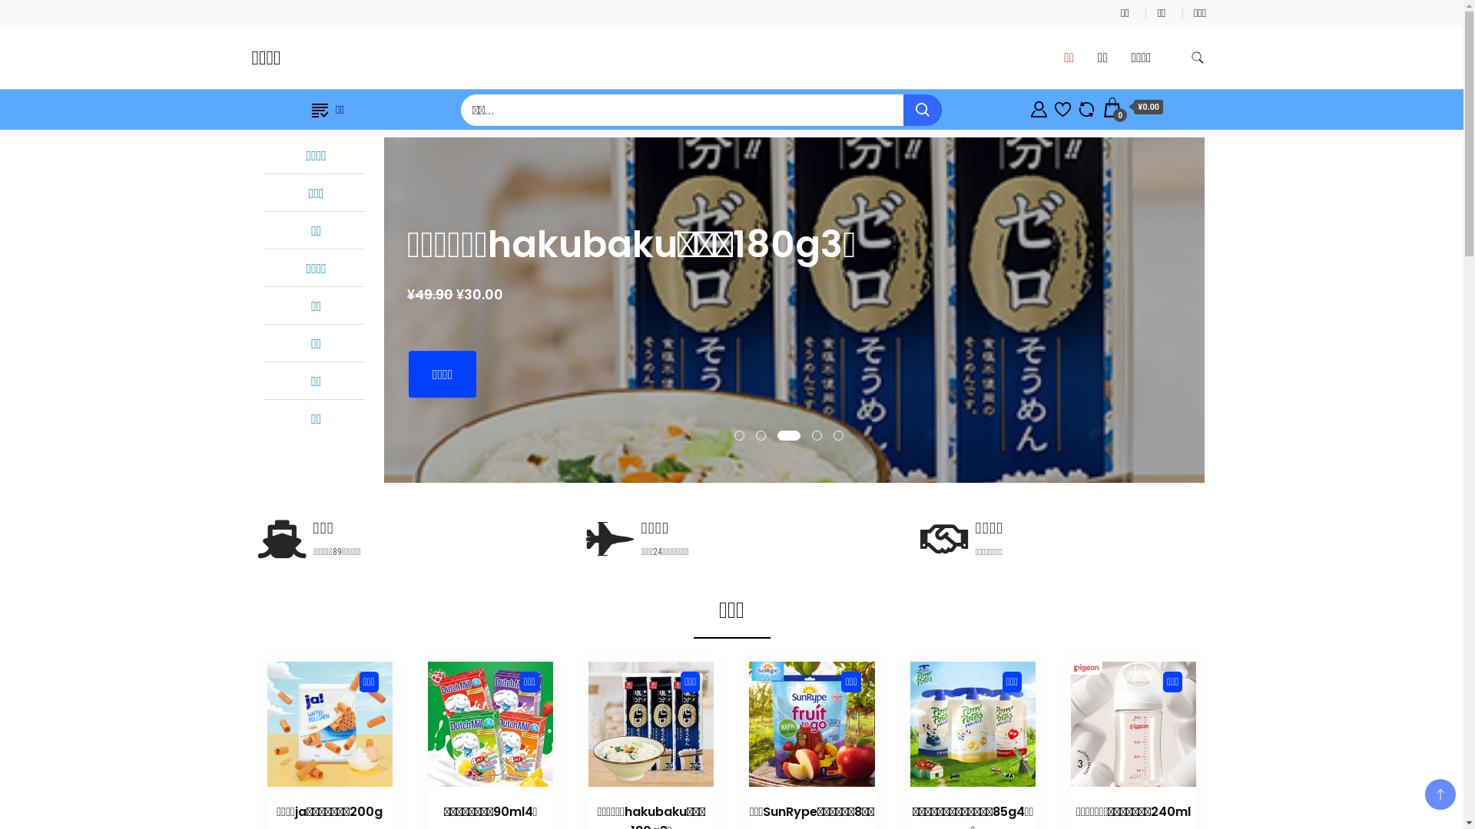 The image size is (1475, 829). Describe the element at coordinates (1039, 106) in the screenshot. I see `'My Account'` at that location.